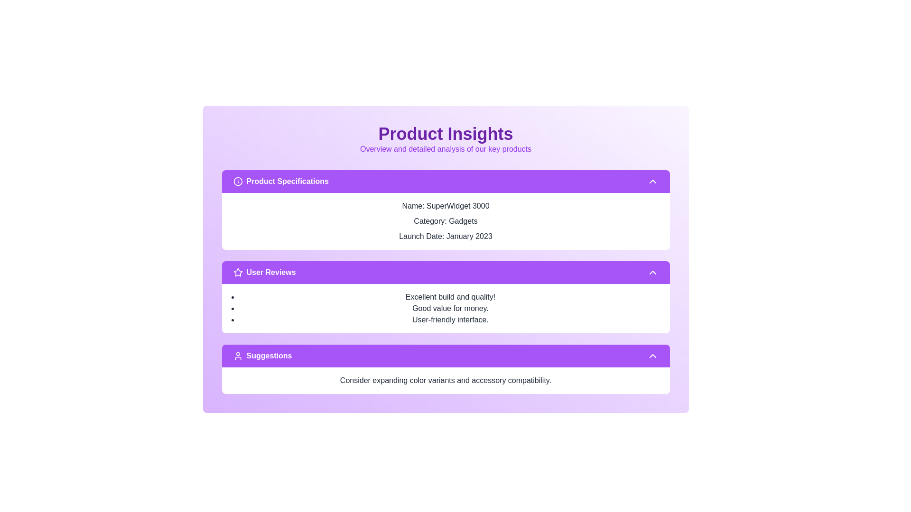 The image size is (911, 512). Describe the element at coordinates (270, 272) in the screenshot. I see `the 'User Reviews' section header, which is a bold white text label on a purple background` at that location.